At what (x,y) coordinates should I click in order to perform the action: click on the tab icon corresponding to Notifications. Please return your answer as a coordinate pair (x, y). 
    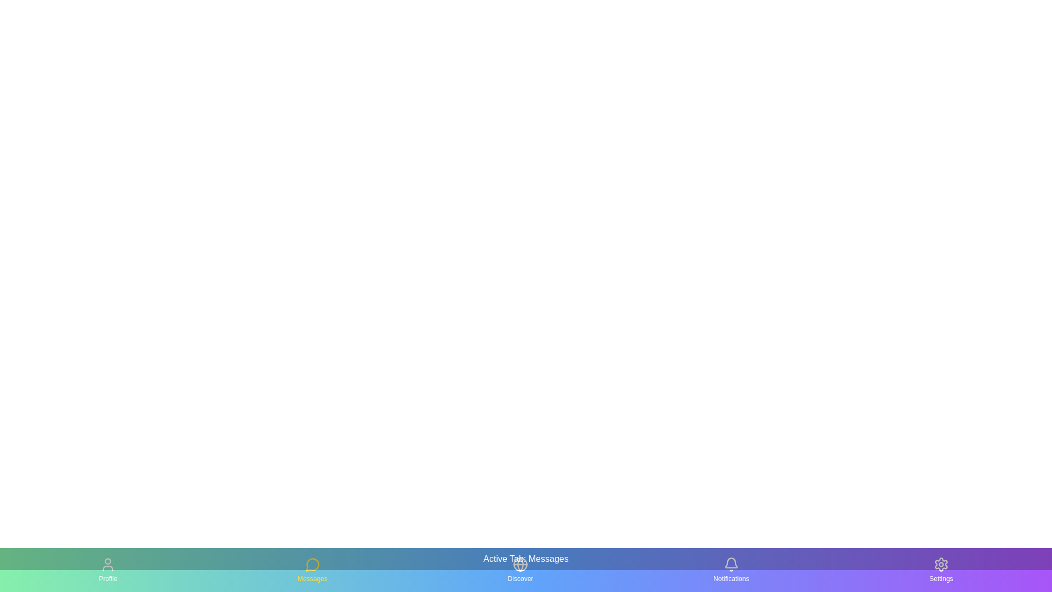
    Looking at the image, I should click on (731, 570).